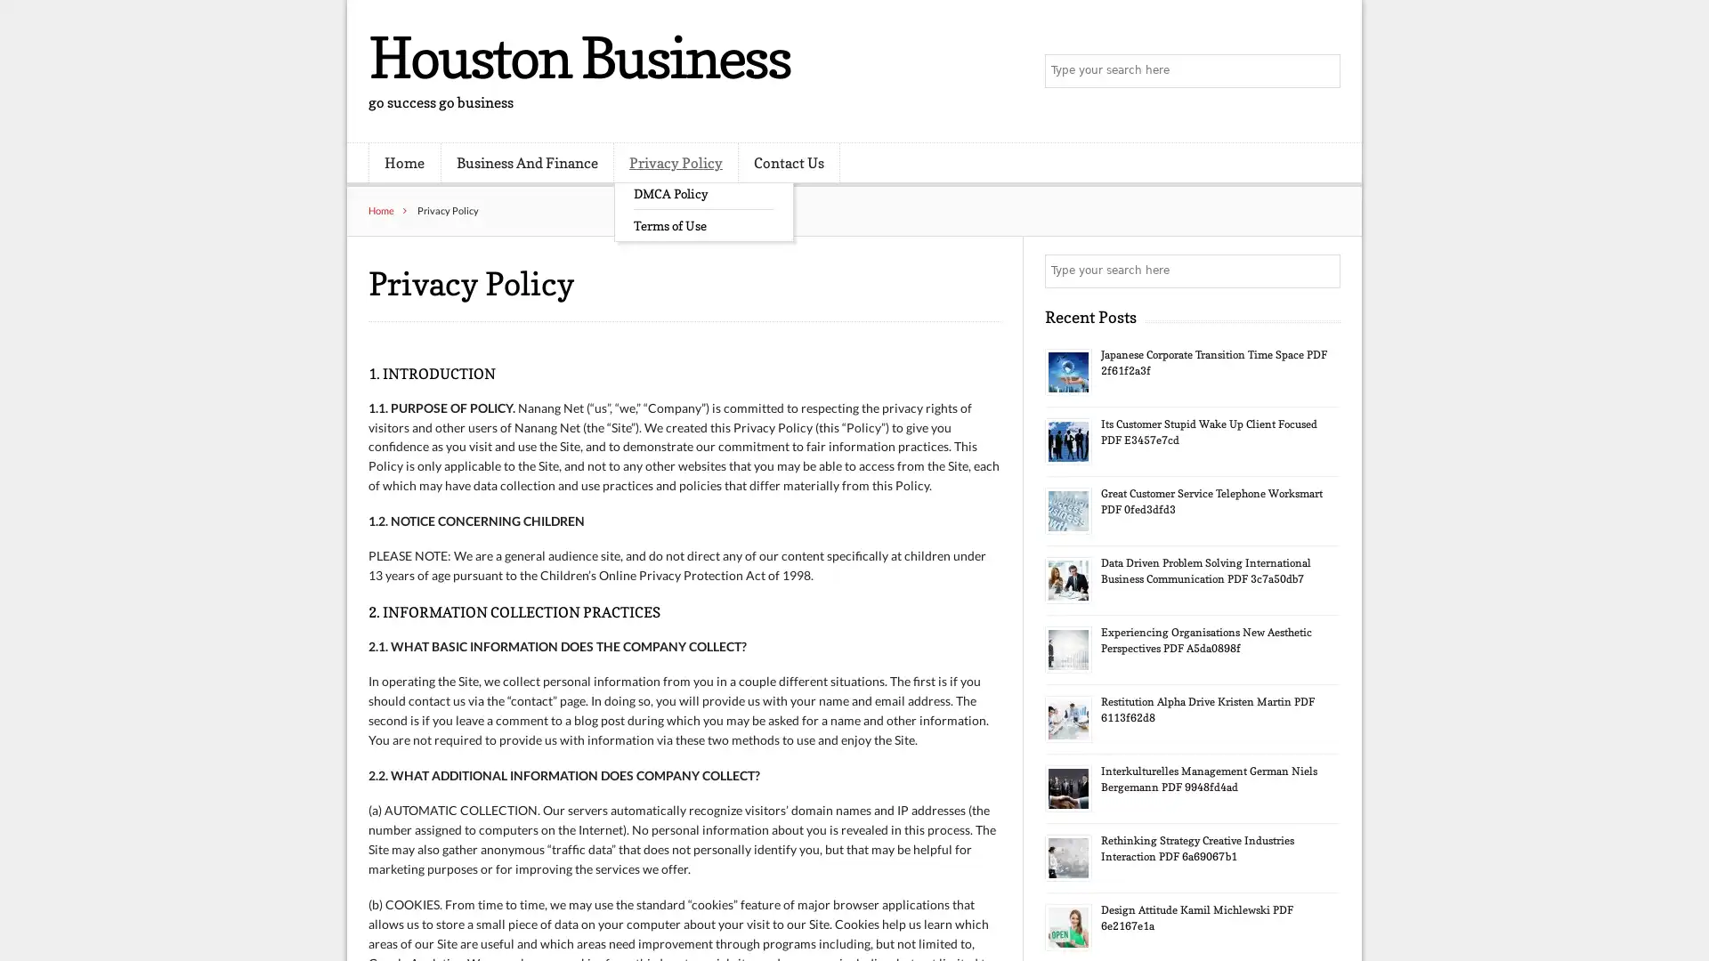 The image size is (1709, 961). What do you see at coordinates (1322, 71) in the screenshot?
I see `Search` at bounding box center [1322, 71].